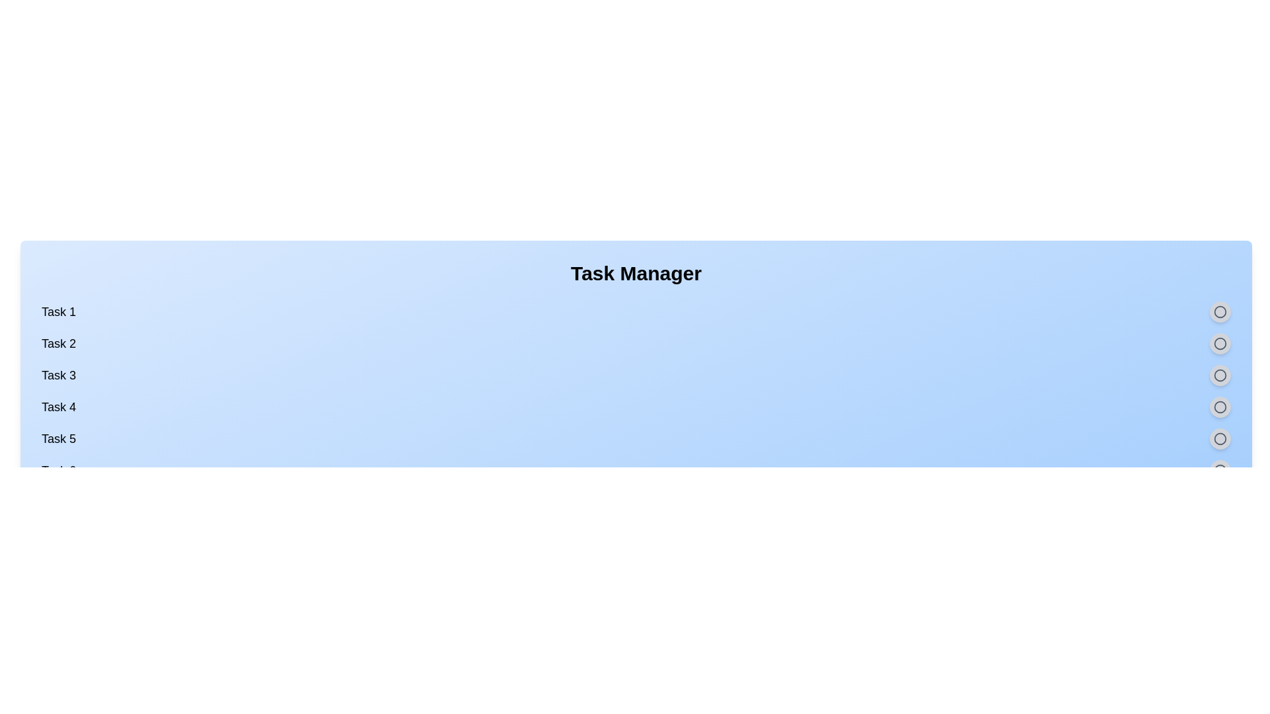  Describe the element at coordinates (636, 272) in the screenshot. I see `the header text 'Task Manager' to analyze its properties` at that location.